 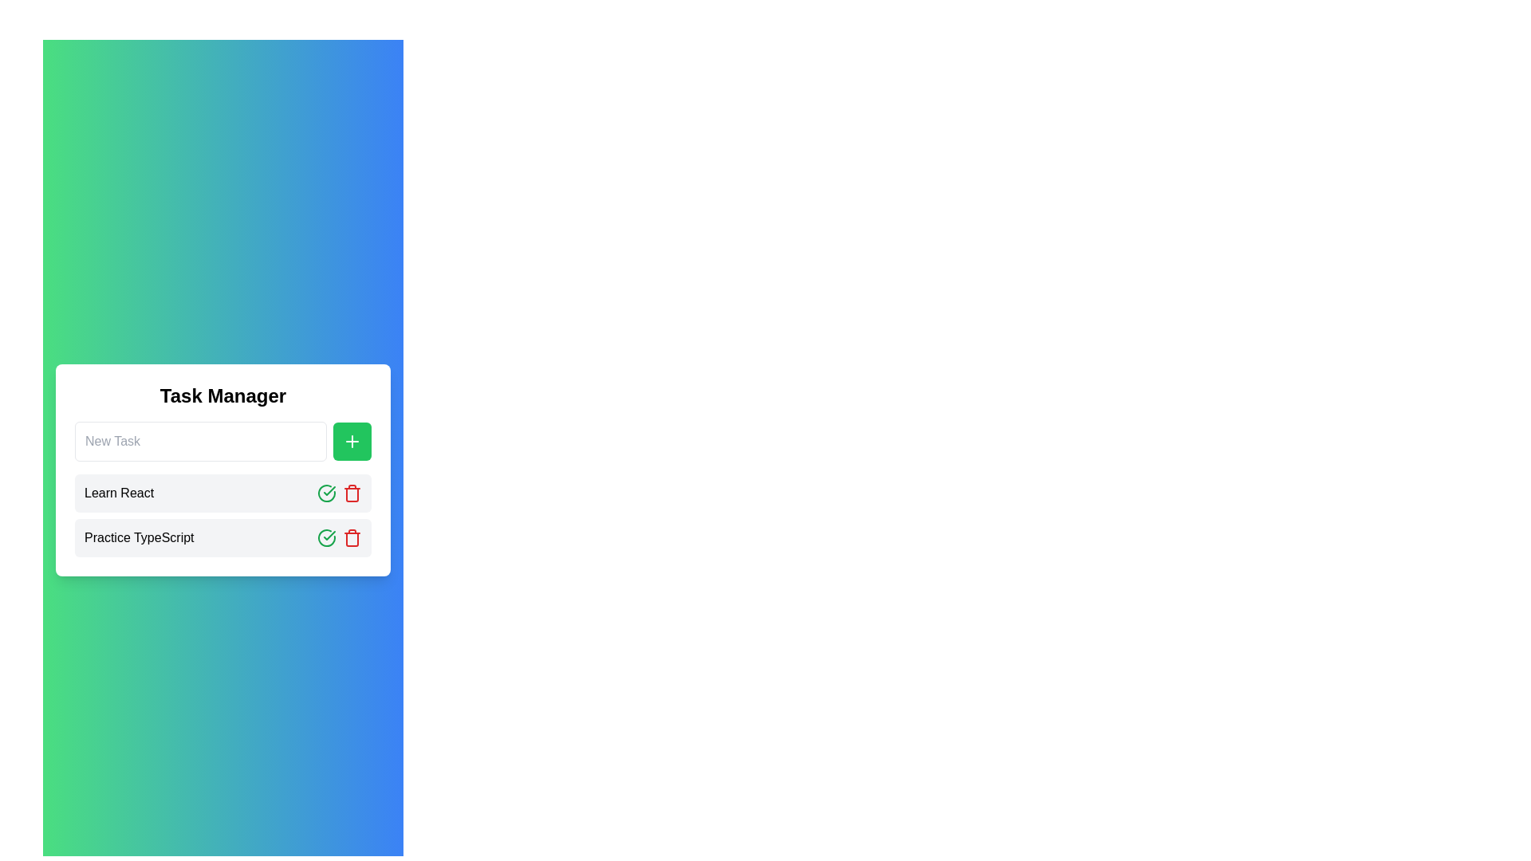 What do you see at coordinates (351, 492) in the screenshot?
I see `the delete button located on the right side of the 'Practice TypeScript' task item` at bounding box center [351, 492].